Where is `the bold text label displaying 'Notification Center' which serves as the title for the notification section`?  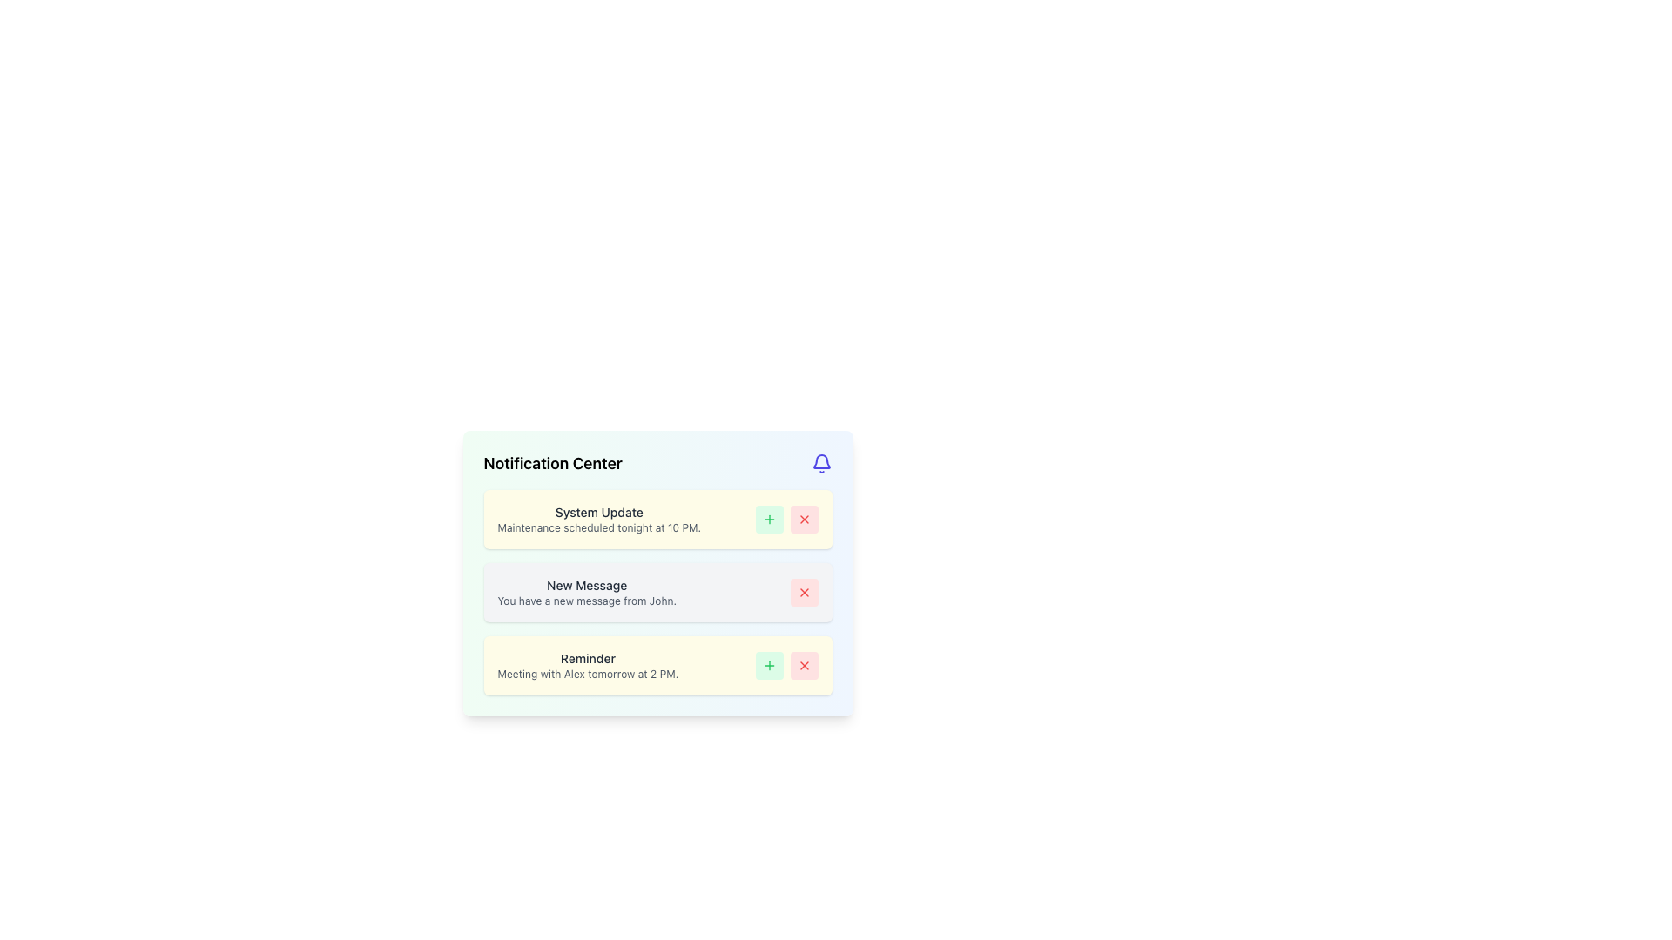
the bold text label displaying 'Notification Center' which serves as the title for the notification section is located at coordinates (552, 462).